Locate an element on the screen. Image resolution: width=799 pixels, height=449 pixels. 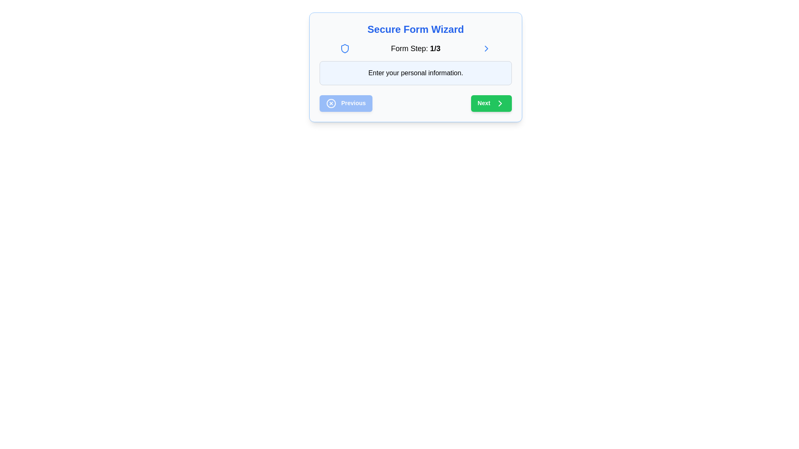
the shield icon with a blue border and white fill, located to the left of the 'Form Step: 1/3' text is located at coordinates (345, 48).